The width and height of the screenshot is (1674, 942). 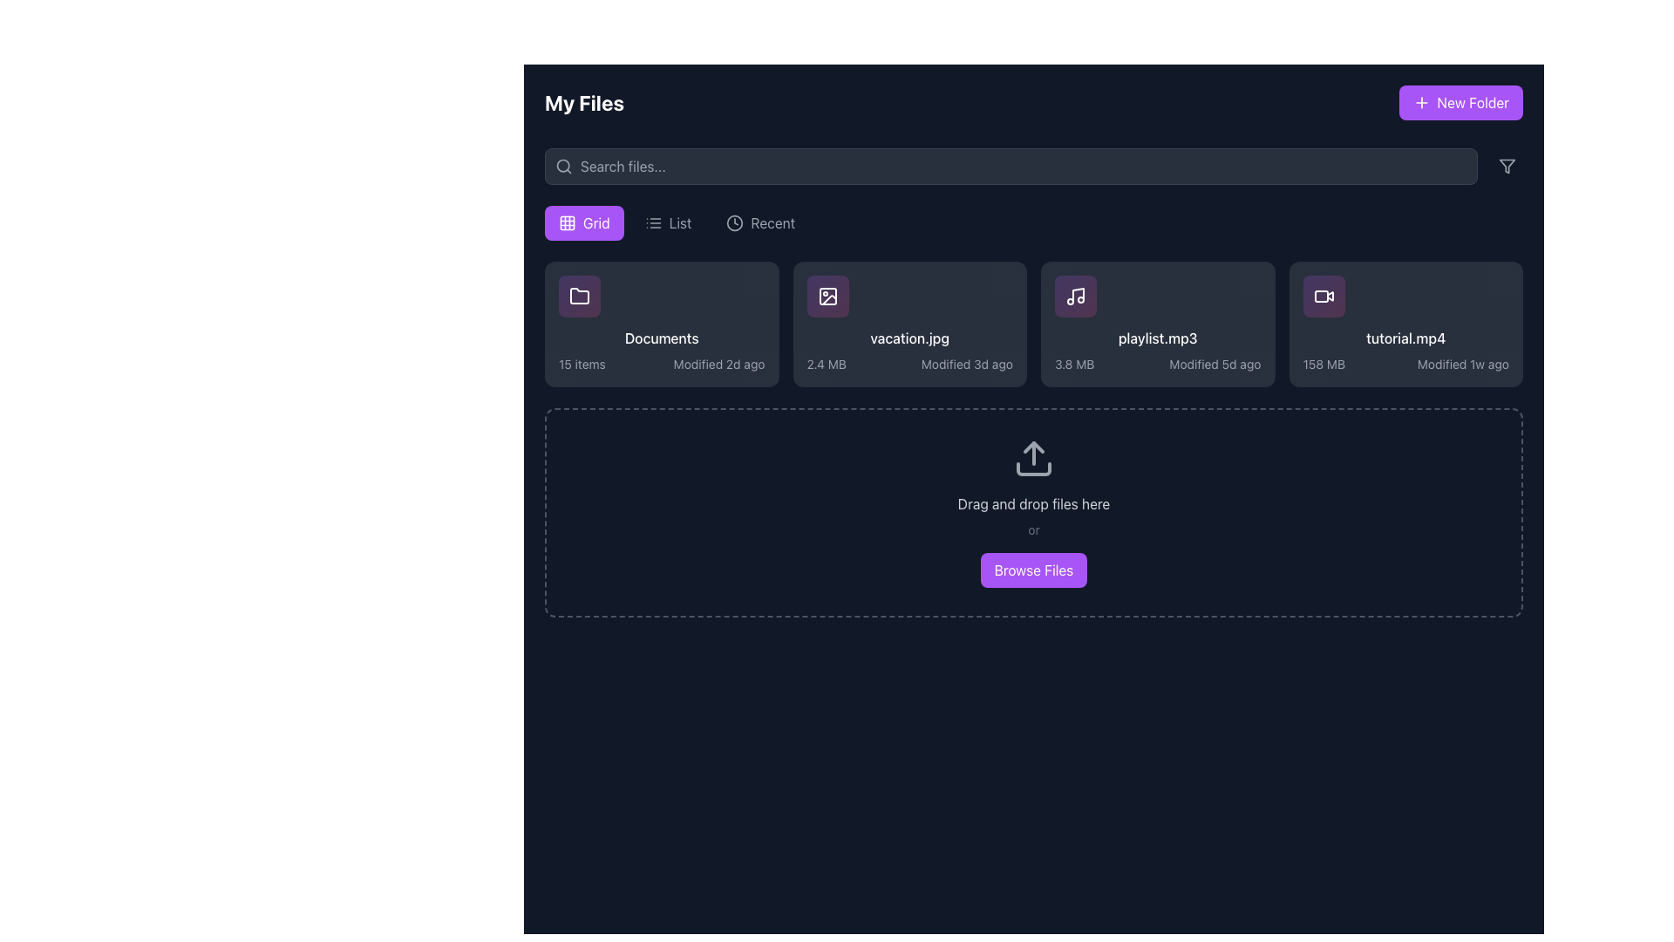 I want to click on the folder icon representing the 'Documents' tile located in the top-left corner of the first tile in the 'My Files' interface, so click(x=580, y=295).